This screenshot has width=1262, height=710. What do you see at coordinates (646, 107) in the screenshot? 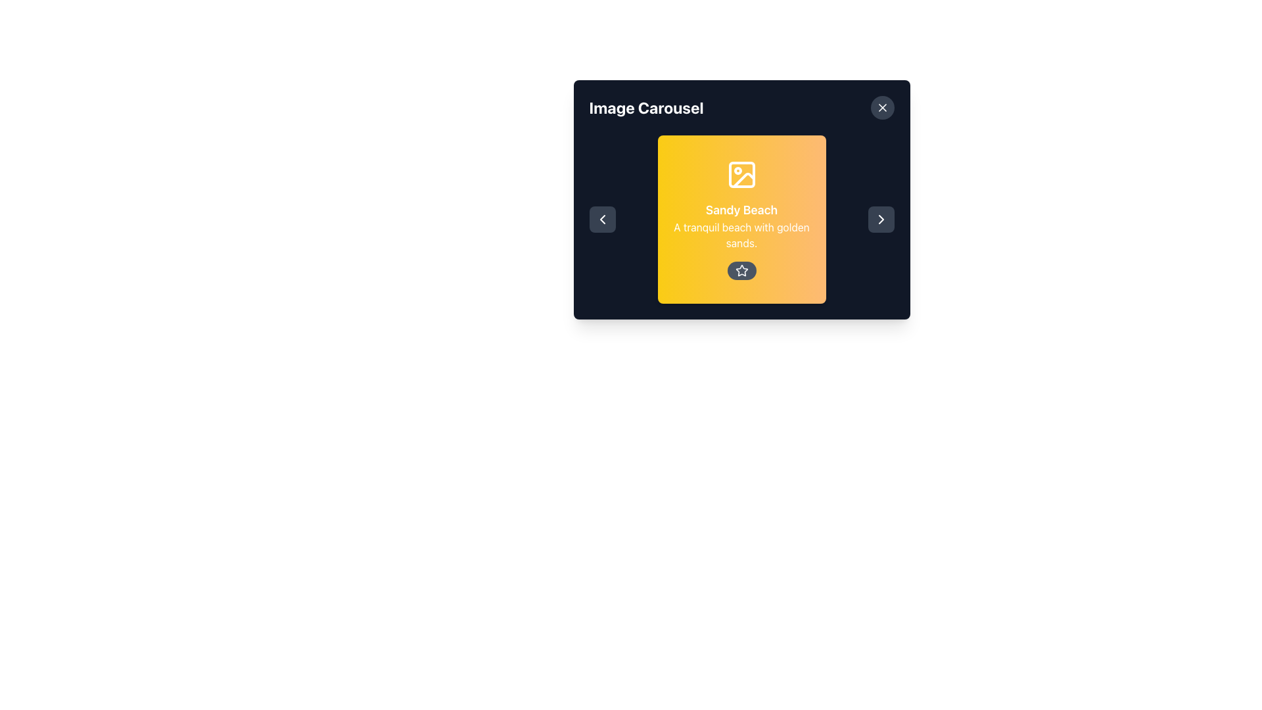
I see `the static text label displaying 'Image Carousel', which is styled in a bold, large font and located above the carousel interface` at bounding box center [646, 107].